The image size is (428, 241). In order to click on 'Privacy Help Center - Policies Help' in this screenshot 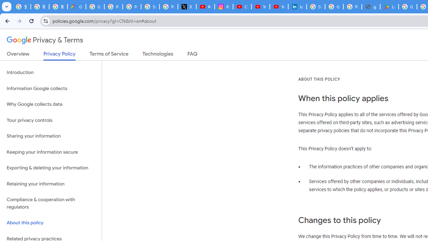, I will do `click(132, 7)`.